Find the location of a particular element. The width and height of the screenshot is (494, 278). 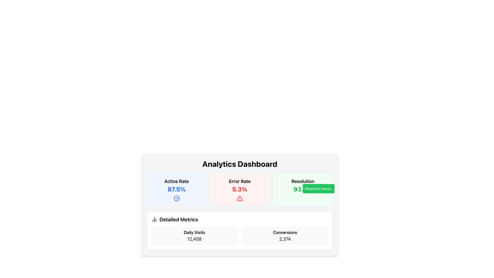

the 'Error Rate' text label which is prominently displayed in bold font within a highlighted rectangular area with a light red background, located above the '5.3%' text is located at coordinates (239, 181).